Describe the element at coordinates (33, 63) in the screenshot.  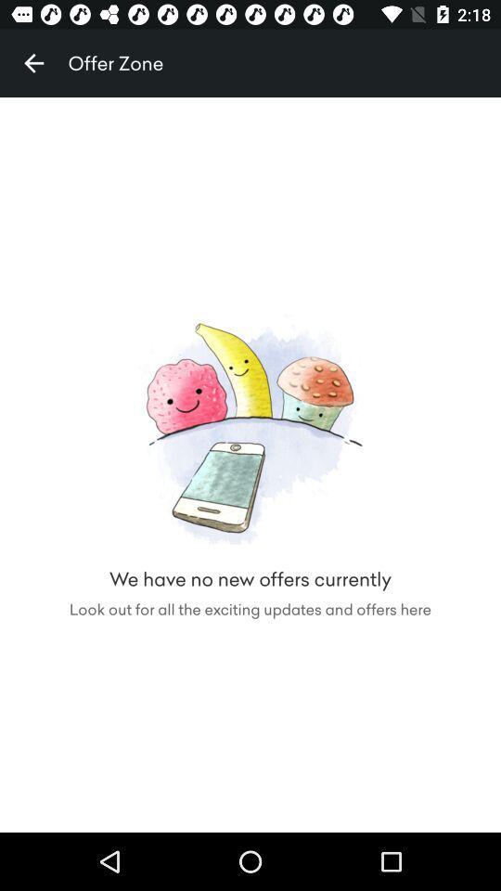
I see `the icon to the left of offer zone item` at that location.